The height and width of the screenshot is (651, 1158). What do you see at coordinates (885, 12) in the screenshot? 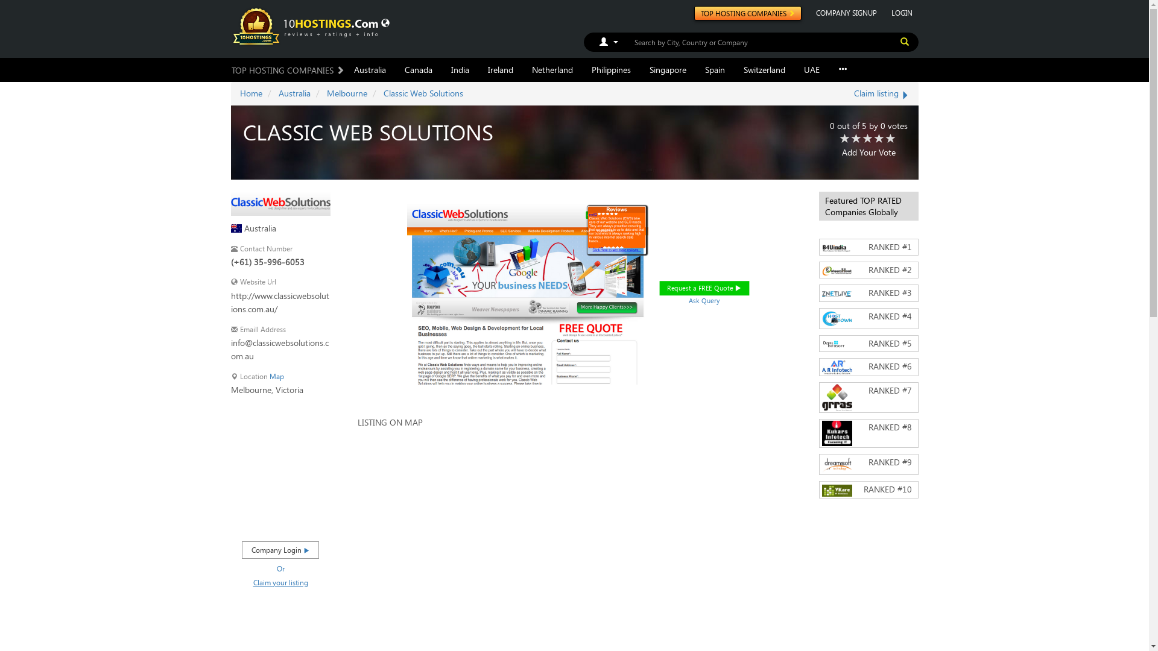
I see `'LOGIN'` at bounding box center [885, 12].